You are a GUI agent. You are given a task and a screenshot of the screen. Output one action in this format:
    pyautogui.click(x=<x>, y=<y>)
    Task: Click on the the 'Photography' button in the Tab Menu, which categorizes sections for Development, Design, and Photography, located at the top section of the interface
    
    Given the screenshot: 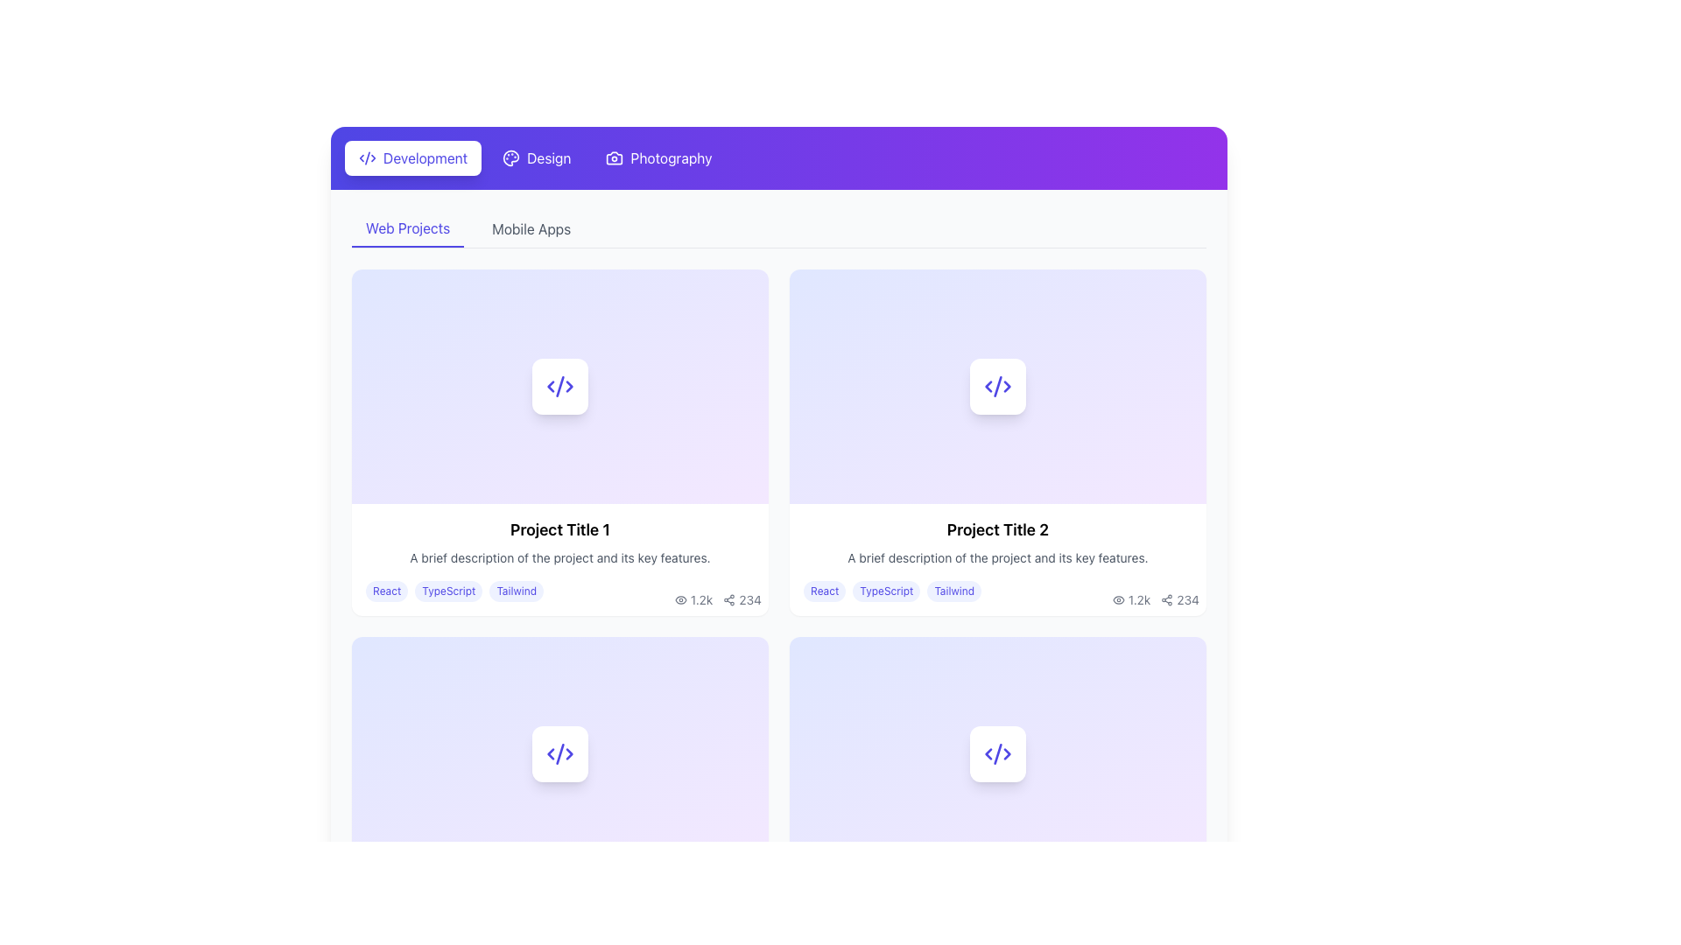 What is the action you would take?
    pyautogui.click(x=777, y=158)
    